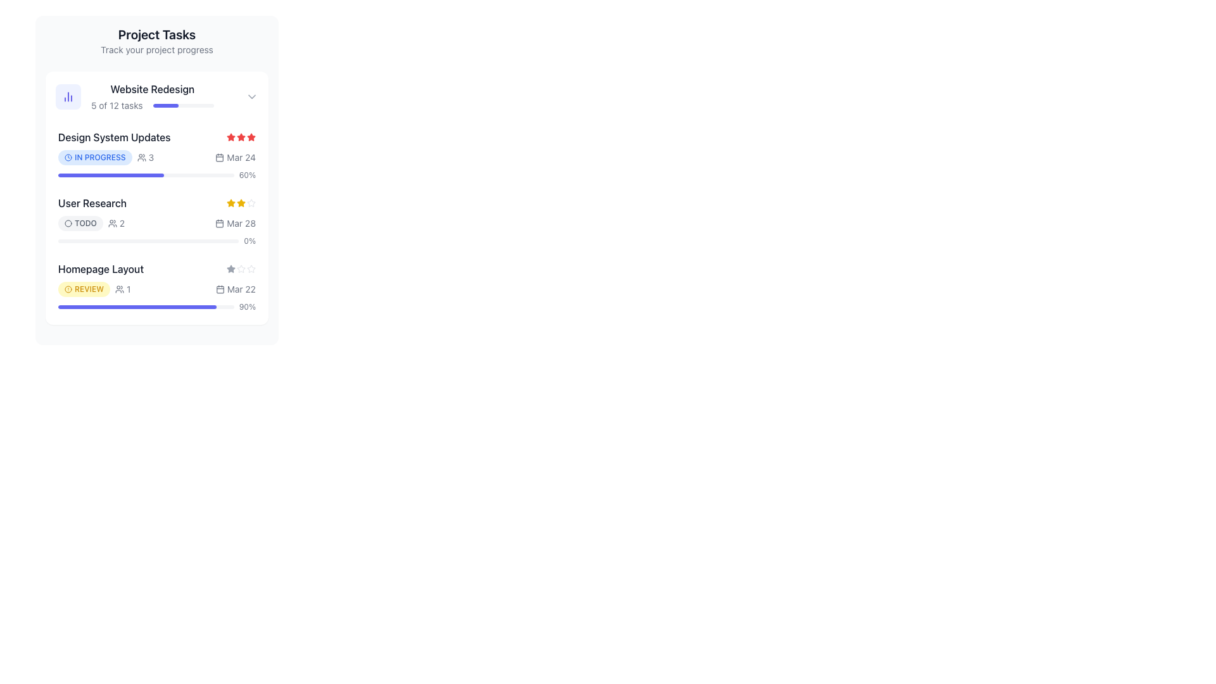 The height and width of the screenshot is (684, 1216). What do you see at coordinates (116, 223) in the screenshot?
I see `the numeric indicator label displaying '2' next to the user icon in the 'User Research' task row` at bounding box center [116, 223].